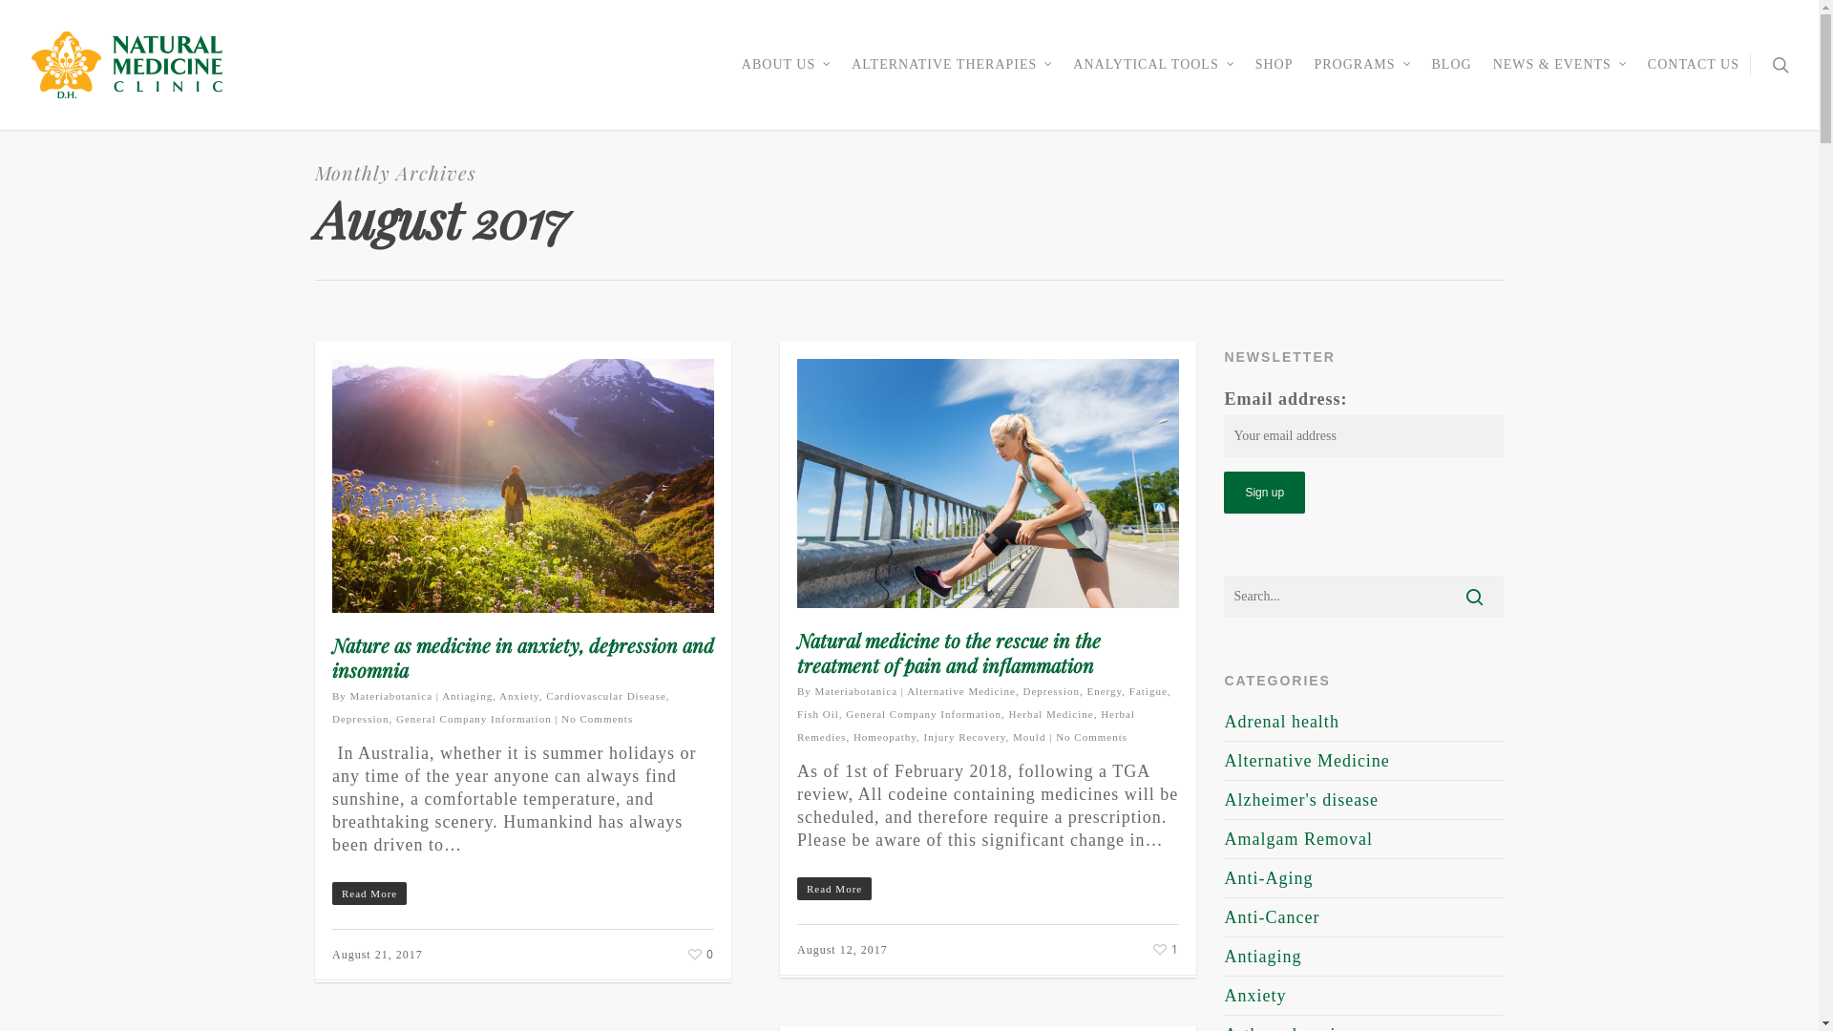 The height and width of the screenshot is (1031, 1833). I want to click on 'Homeopathy', so click(852, 735).